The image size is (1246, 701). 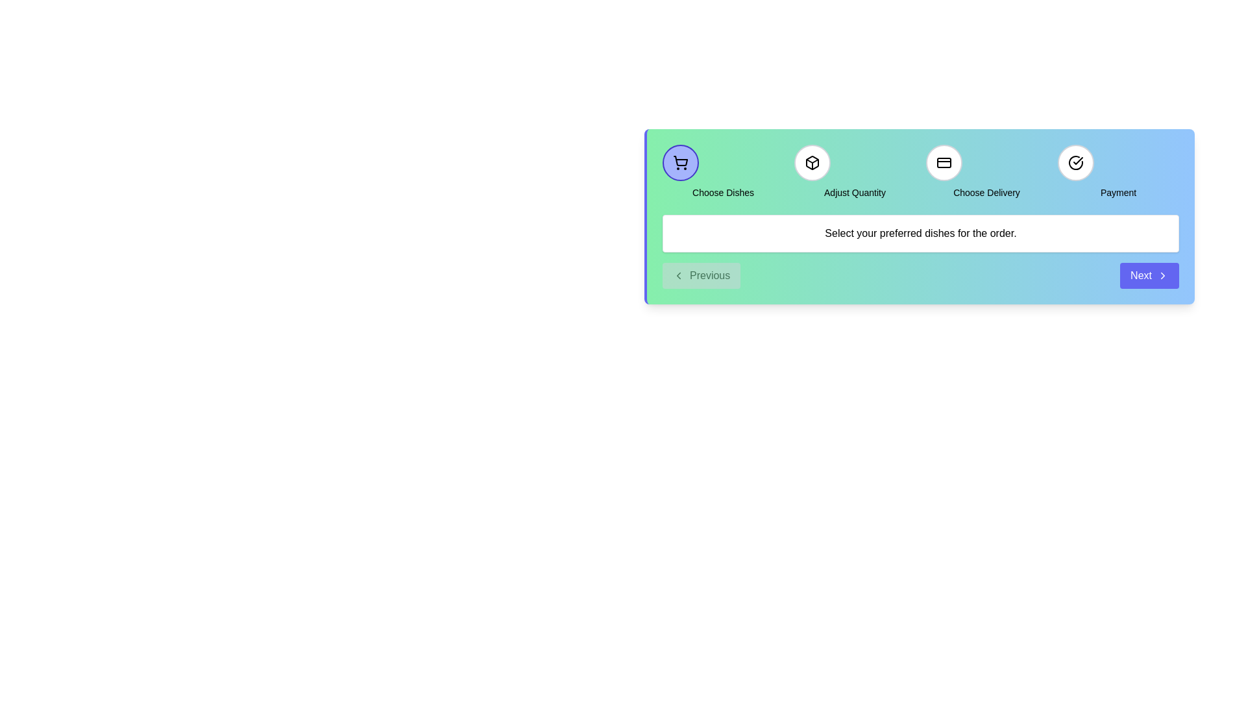 I want to click on the first label or button option that represents the section for choosing dishes, located below the shopping cart icon at the top of the interface, so click(x=722, y=193).